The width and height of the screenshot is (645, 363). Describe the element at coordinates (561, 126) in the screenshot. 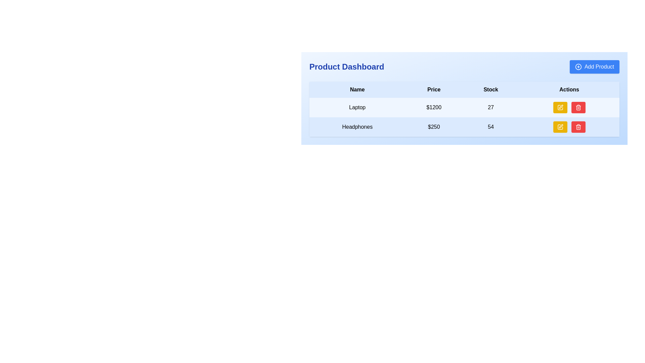

I see `the edit icon button located on the rightmost side of the Actions column in the second row of the table, adjacent to the red trash bin icon` at that location.